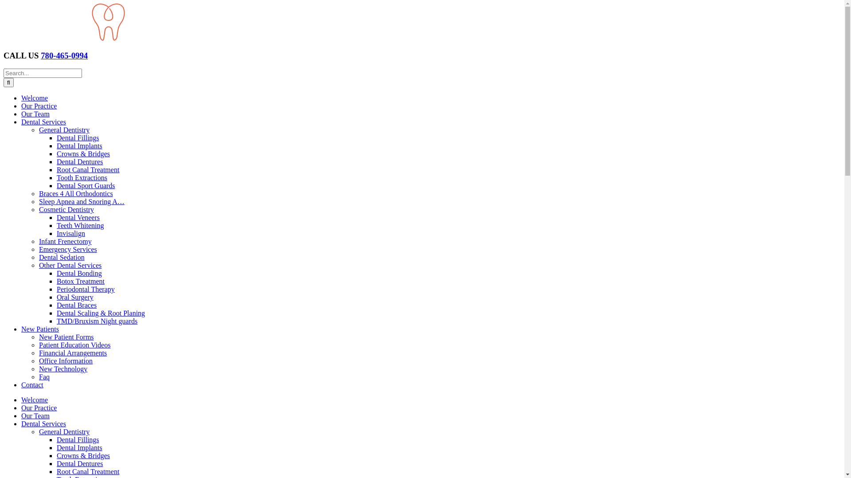  I want to click on 'Skip to content', so click(3, 3).